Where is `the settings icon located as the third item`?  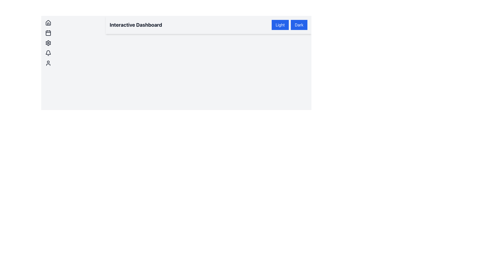 the settings icon located as the third item is located at coordinates (48, 43).